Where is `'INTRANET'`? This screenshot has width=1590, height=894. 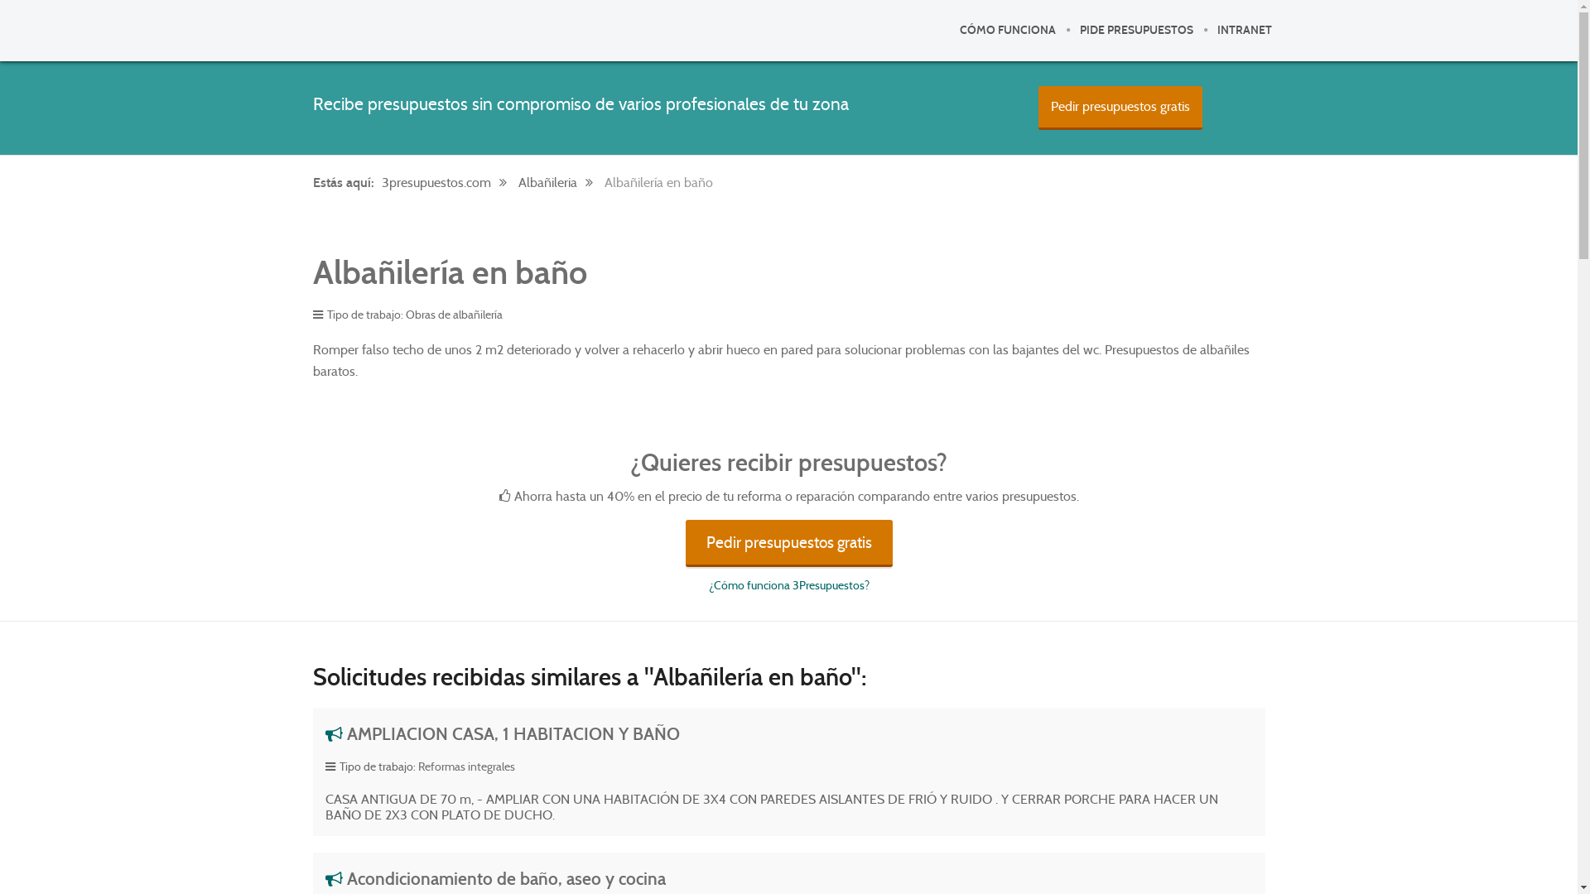 'INTRANET' is located at coordinates (1244, 31).